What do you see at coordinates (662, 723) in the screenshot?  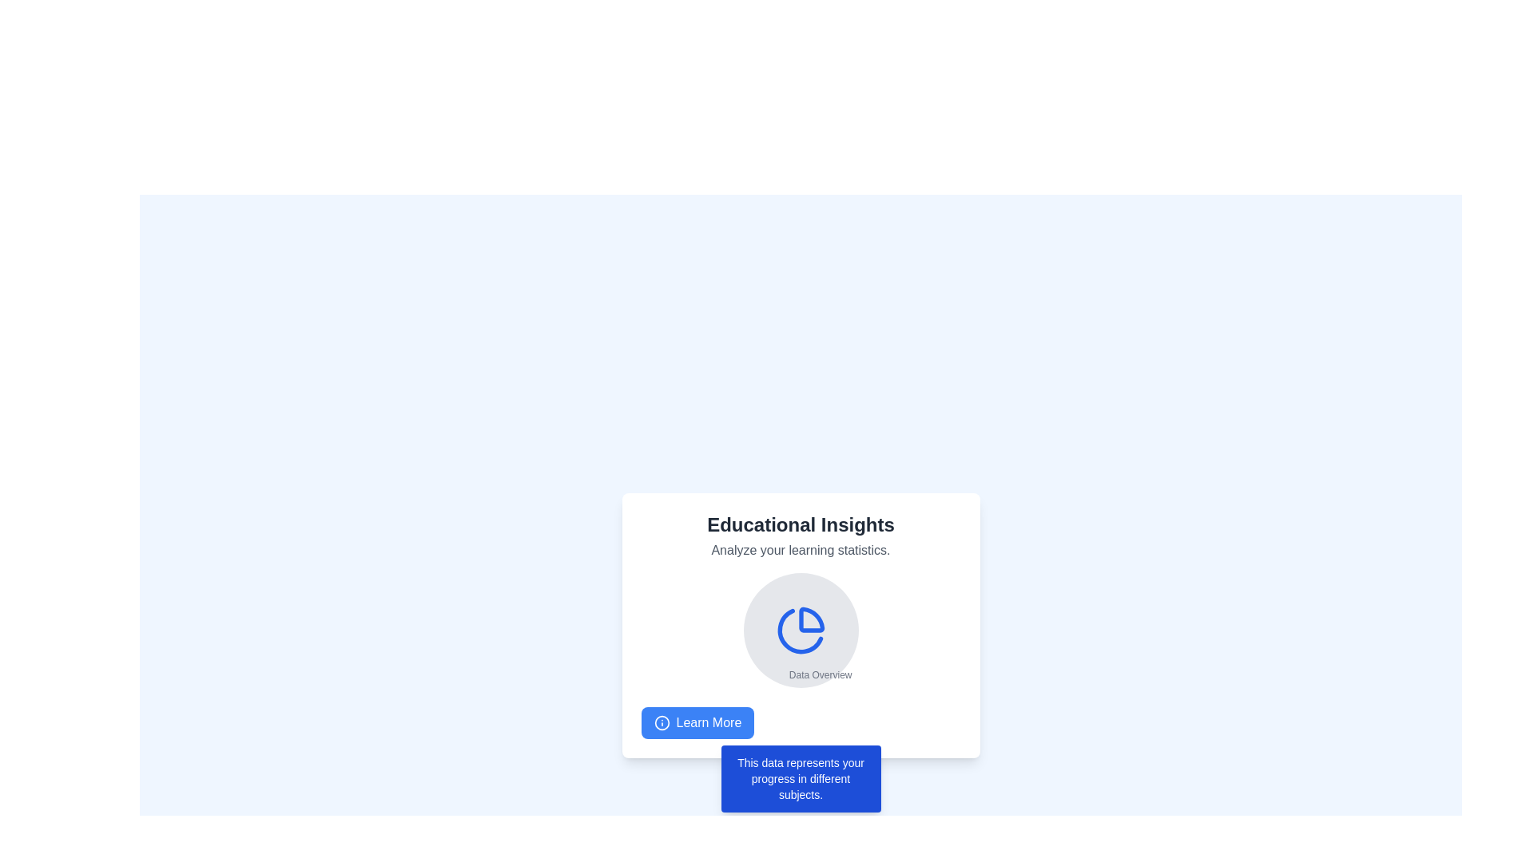 I see `the circular blue icon located near the bottom left corner of the 'Learn More' button in the 'Educational Insights' card` at bounding box center [662, 723].